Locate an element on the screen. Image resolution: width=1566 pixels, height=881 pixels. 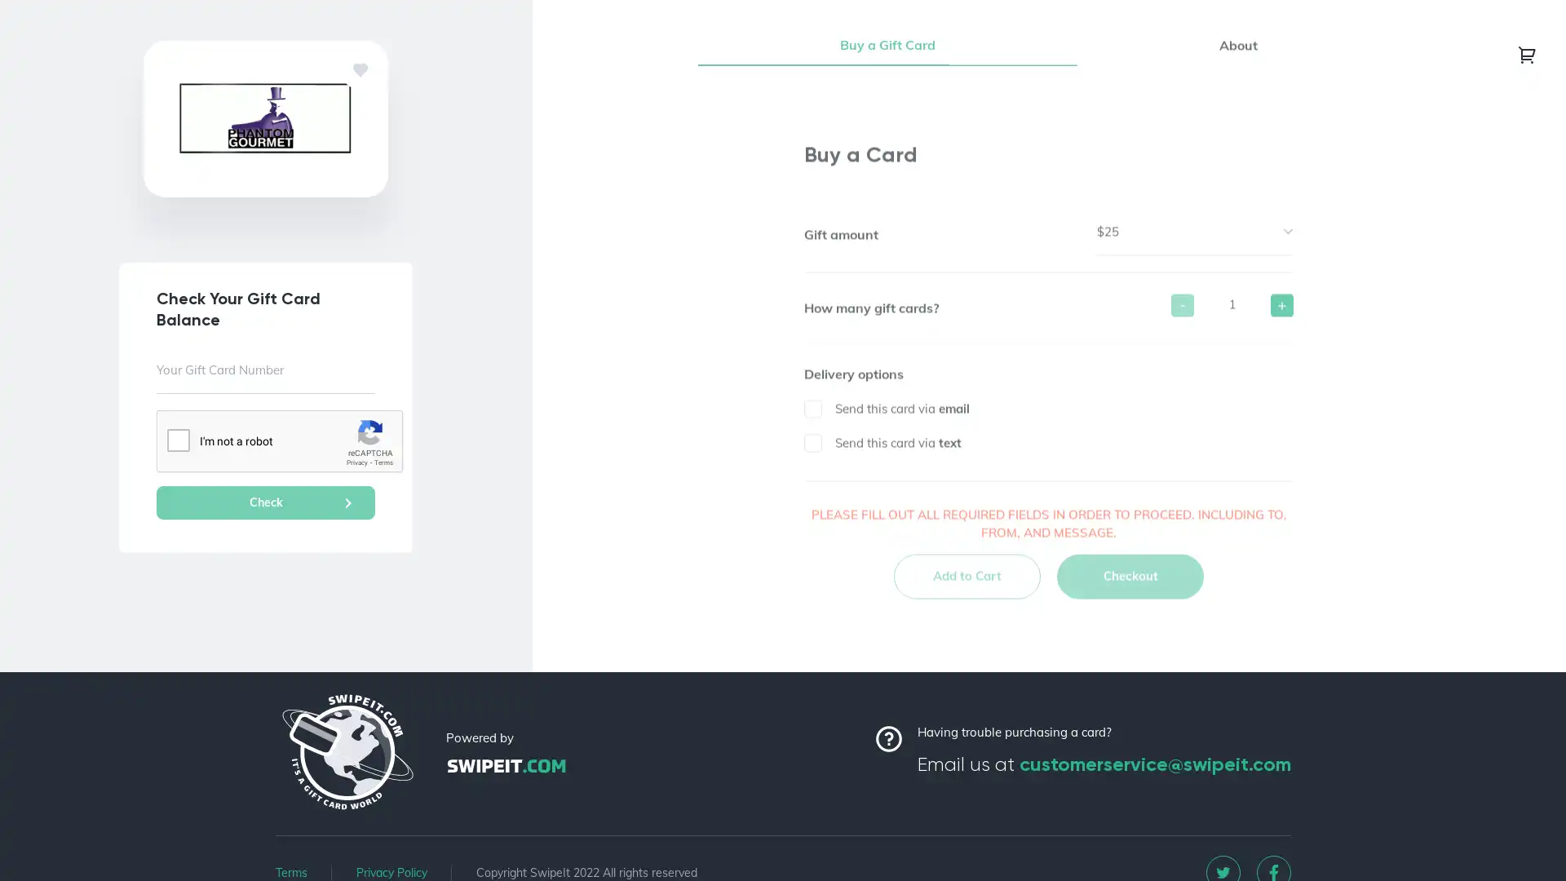
Check is located at coordinates (266, 502).